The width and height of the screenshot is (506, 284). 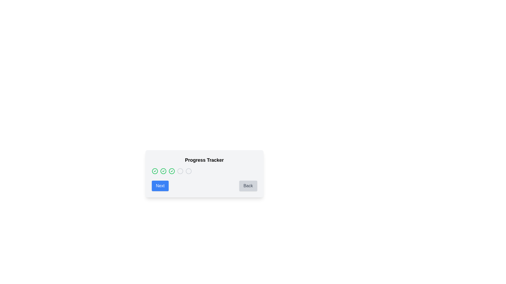 What do you see at coordinates (154, 171) in the screenshot?
I see `the state of the first progress status indicator icon in the horizontal sequence of similar icons` at bounding box center [154, 171].